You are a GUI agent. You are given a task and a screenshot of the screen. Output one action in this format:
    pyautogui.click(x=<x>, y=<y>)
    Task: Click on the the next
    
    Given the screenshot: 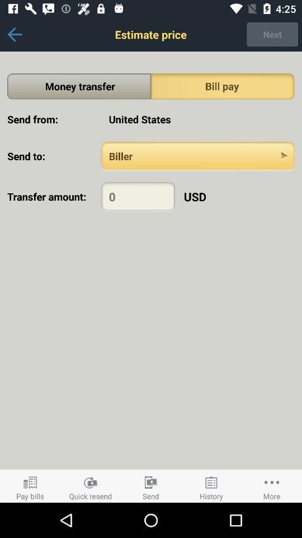 What is the action you would take?
    pyautogui.click(x=272, y=34)
    